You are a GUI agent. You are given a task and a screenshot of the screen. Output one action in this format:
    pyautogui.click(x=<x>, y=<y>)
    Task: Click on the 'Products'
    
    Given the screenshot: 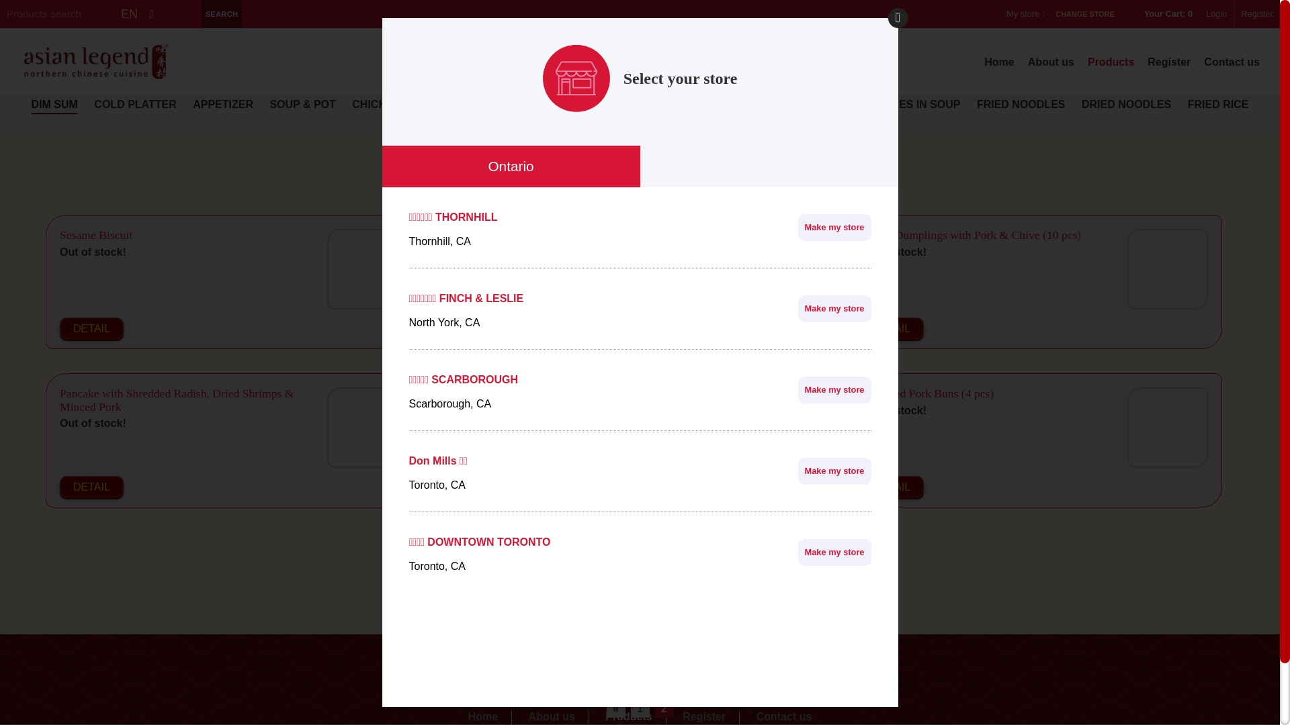 What is the action you would take?
    pyautogui.click(x=628, y=716)
    